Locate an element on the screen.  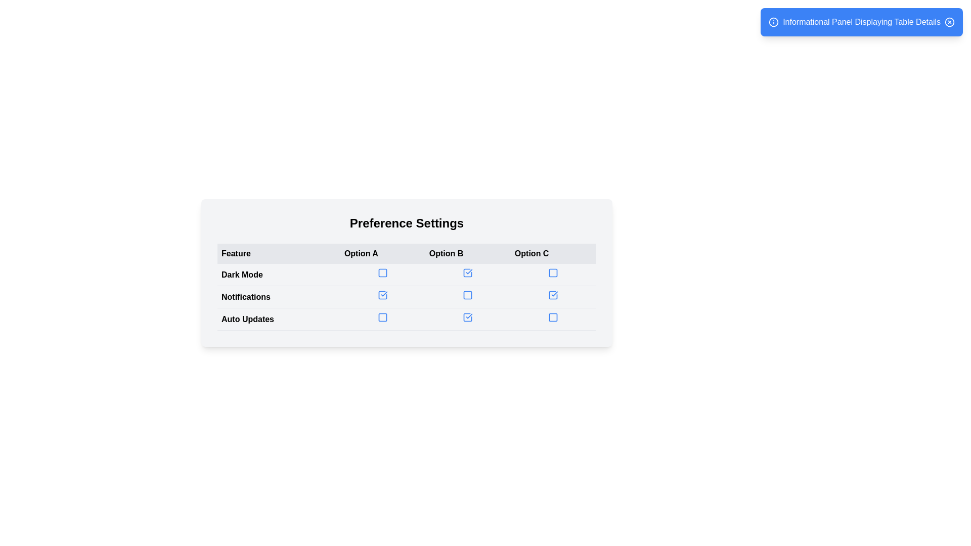
the checkbox with a blue outline for 'Auto Updates' under 'Option A' in the settings table is located at coordinates (382, 317).